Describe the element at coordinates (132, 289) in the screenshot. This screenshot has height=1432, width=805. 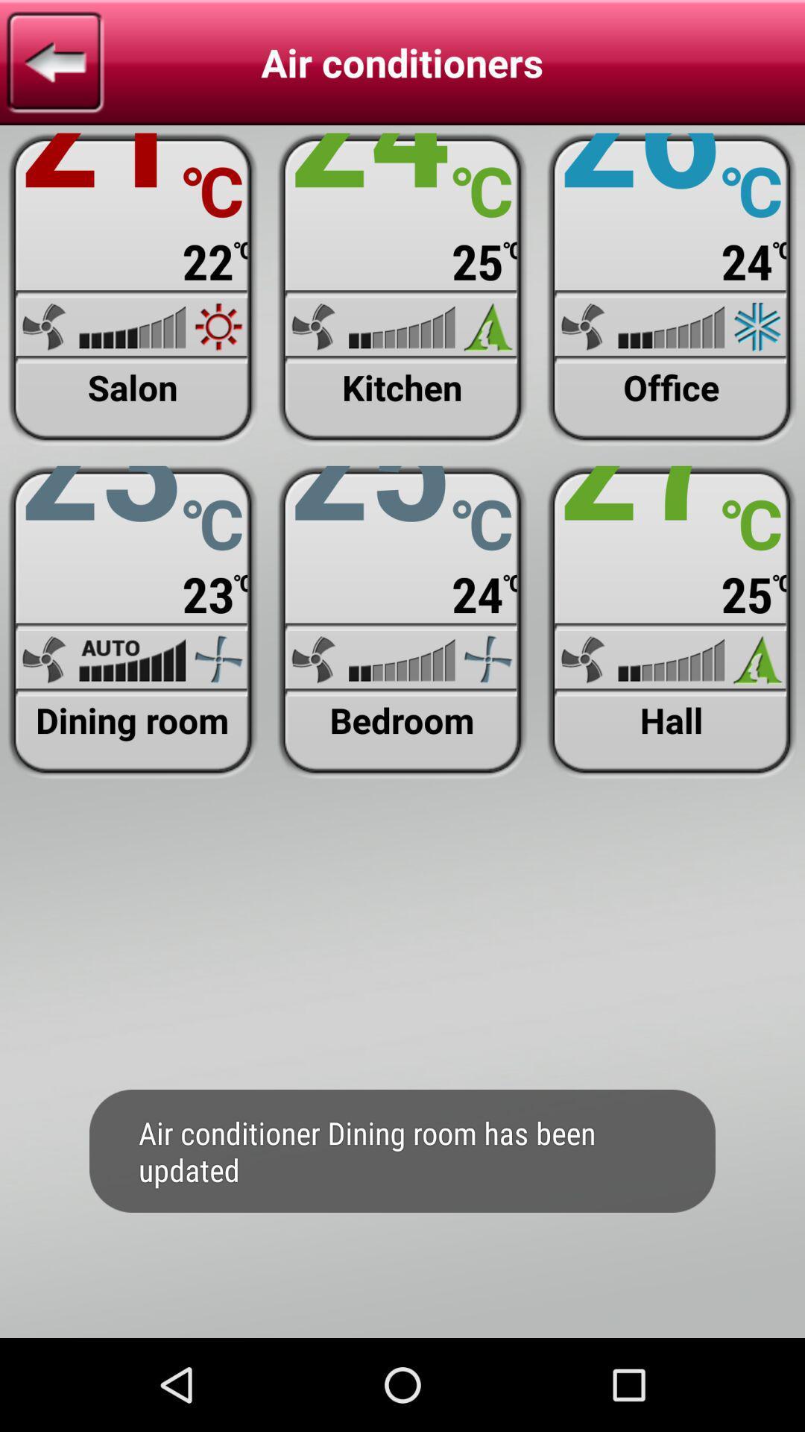
I see `climate of the option` at that location.